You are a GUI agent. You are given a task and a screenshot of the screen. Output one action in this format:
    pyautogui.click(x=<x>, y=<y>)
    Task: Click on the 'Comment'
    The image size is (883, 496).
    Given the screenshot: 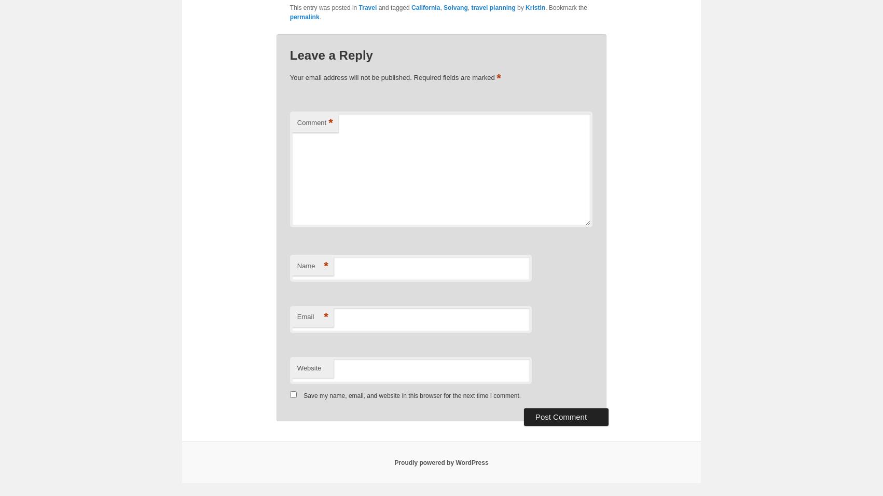 What is the action you would take?
    pyautogui.click(x=311, y=122)
    